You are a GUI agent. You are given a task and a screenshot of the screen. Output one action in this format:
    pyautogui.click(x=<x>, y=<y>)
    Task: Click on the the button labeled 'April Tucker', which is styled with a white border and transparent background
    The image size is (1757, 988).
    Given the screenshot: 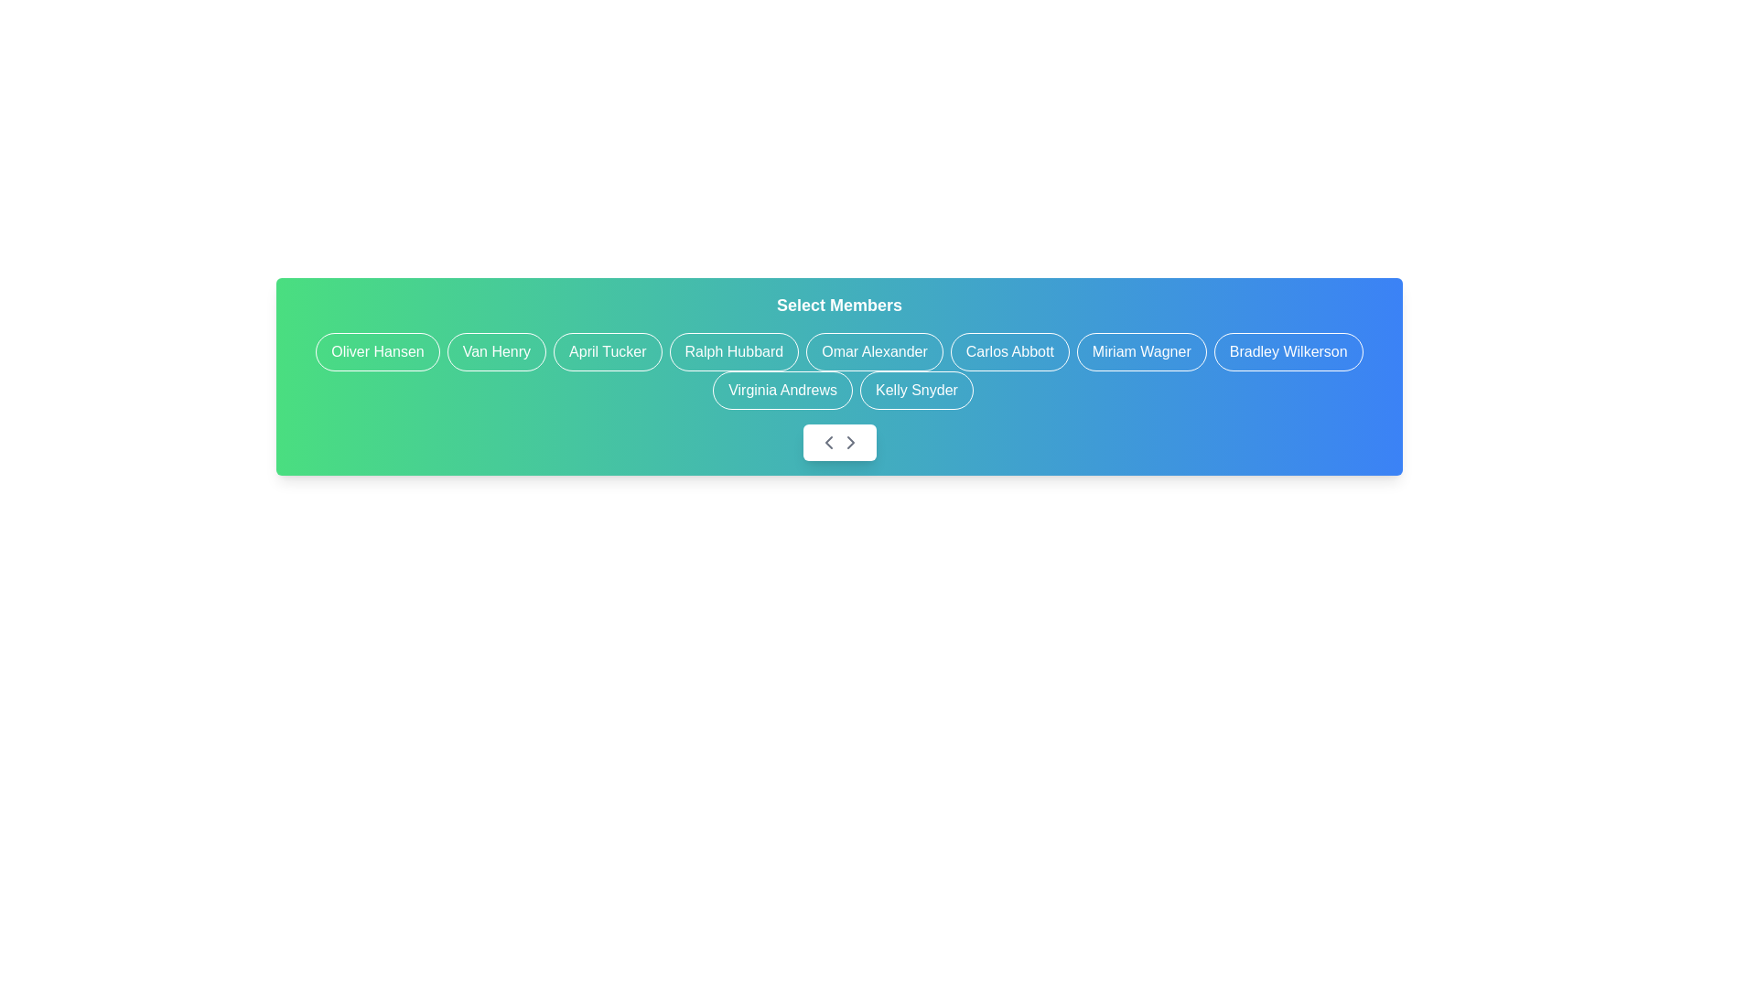 What is the action you would take?
    pyautogui.click(x=608, y=352)
    